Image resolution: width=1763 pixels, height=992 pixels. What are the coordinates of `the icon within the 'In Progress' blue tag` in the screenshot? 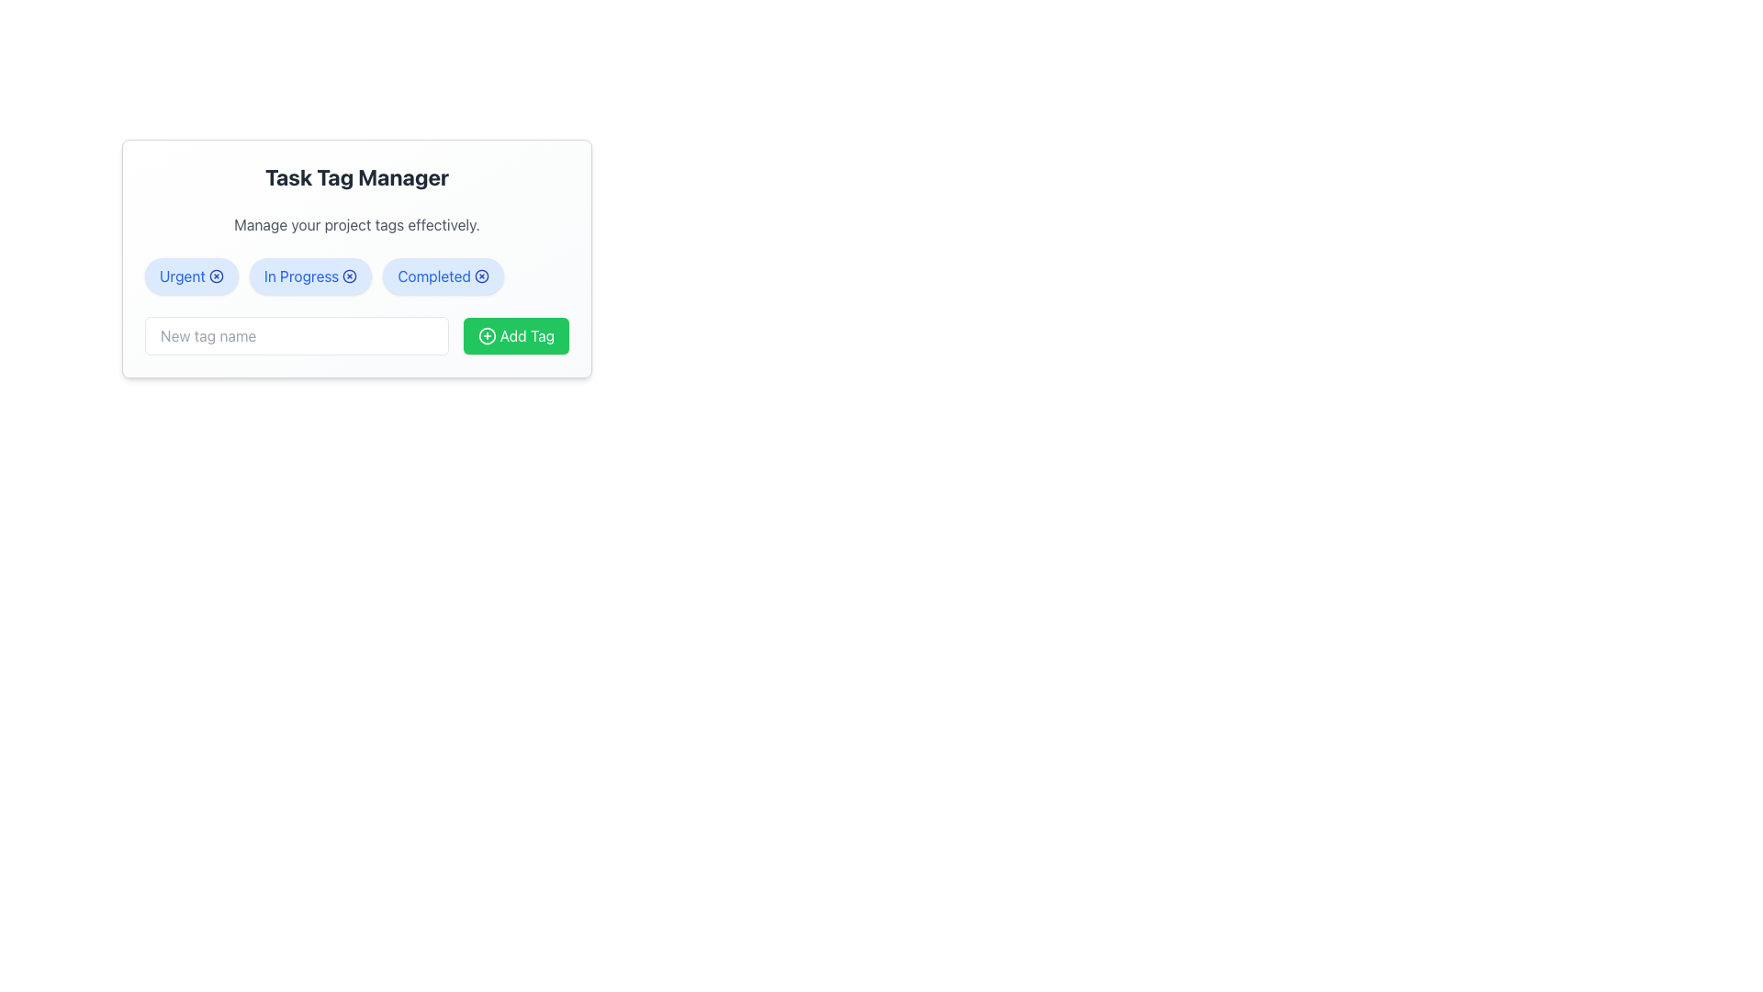 It's located at (350, 276).